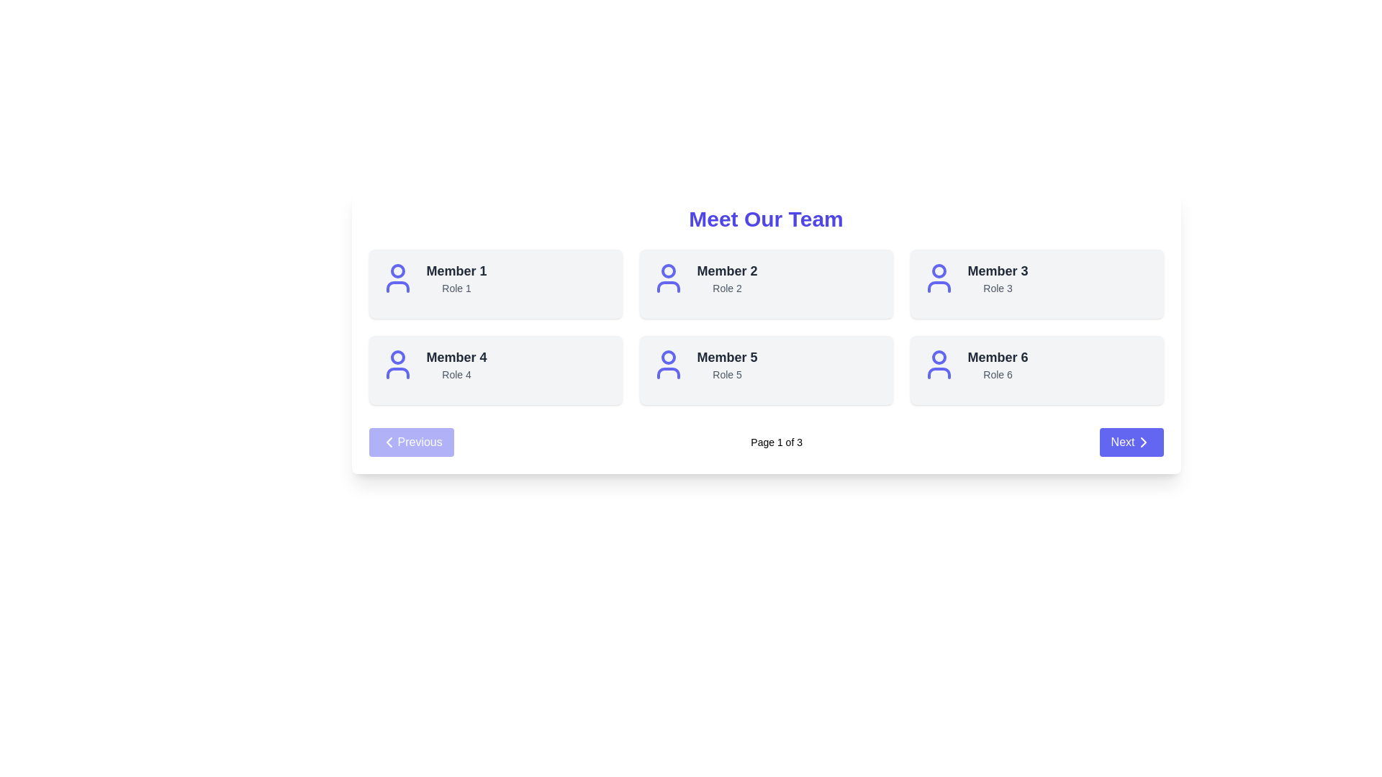 Image resolution: width=1382 pixels, height=777 pixels. I want to click on head portion of the user icon represented by the circle in the SVG graphic associated with 'Member 6' via developer tools, so click(939, 357).